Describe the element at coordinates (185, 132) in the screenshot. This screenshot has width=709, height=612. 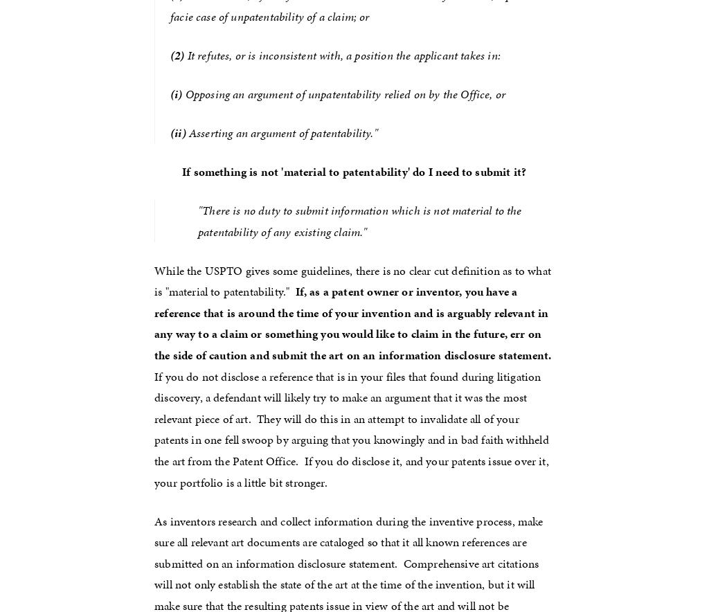
I see `'Asserting an argument of patentability."'` at that location.